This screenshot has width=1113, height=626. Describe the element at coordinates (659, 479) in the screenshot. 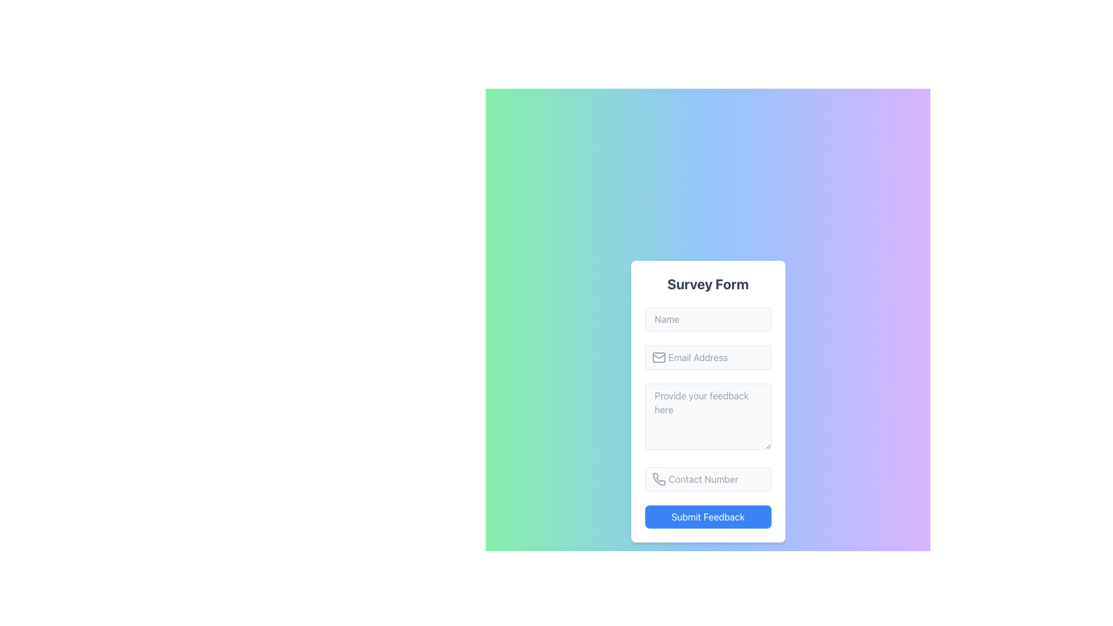

I see `the icon indicating the phone number entry next to the 'Contact Number' input field` at that location.